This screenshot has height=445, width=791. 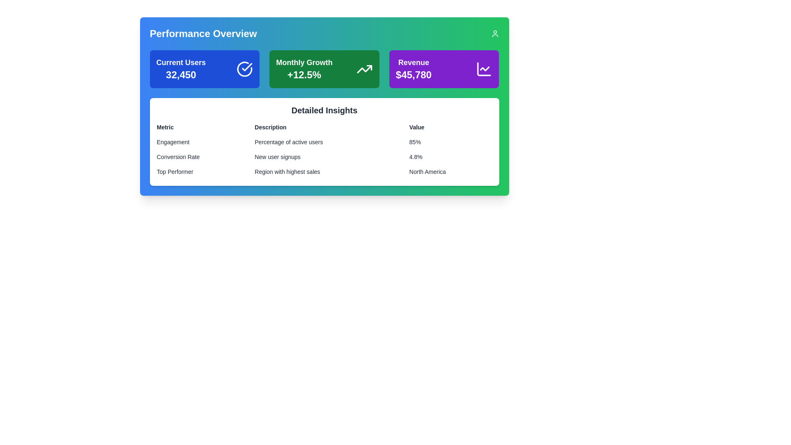 I want to click on the heading element displaying 'Detailed Insights' in a large, bold, black font, so click(x=324, y=110).